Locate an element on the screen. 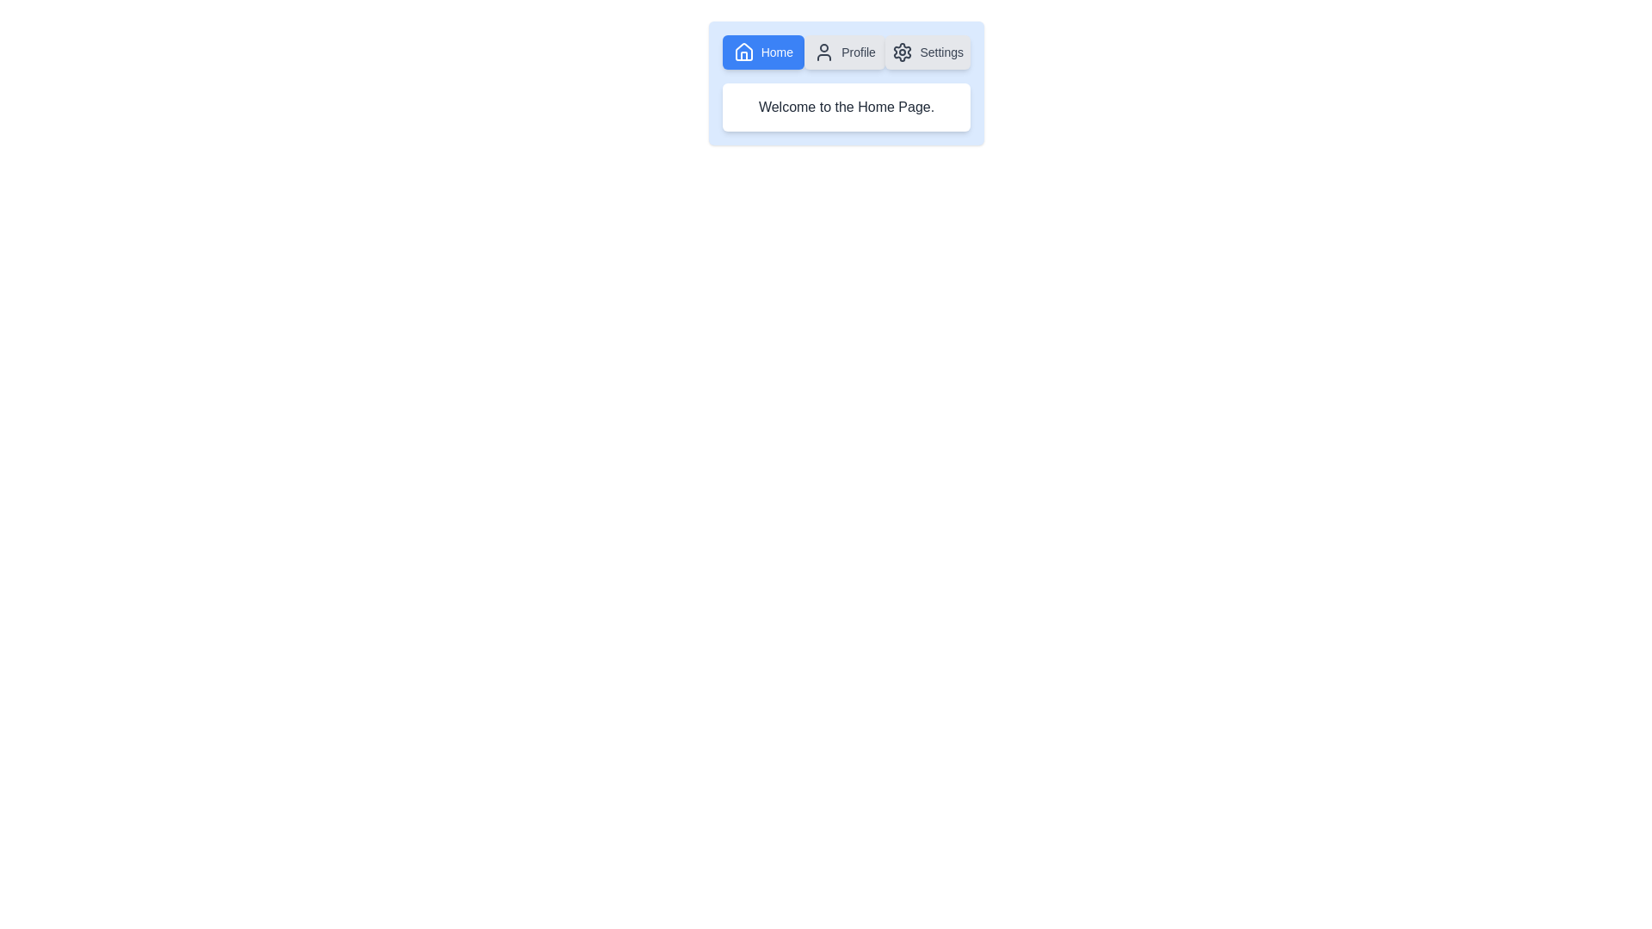 The height and width of the screenshot is (929, 1652). the blue rectangular button with rounded corners labeled 'Home' is located at coordinates (762, 52).